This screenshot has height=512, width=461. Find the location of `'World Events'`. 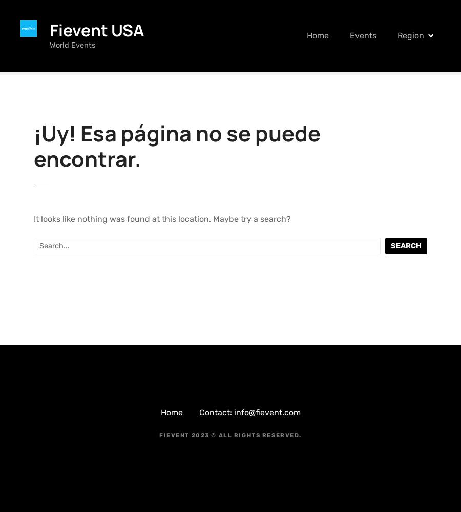

'World Events' is located at coordinates (72, 45).